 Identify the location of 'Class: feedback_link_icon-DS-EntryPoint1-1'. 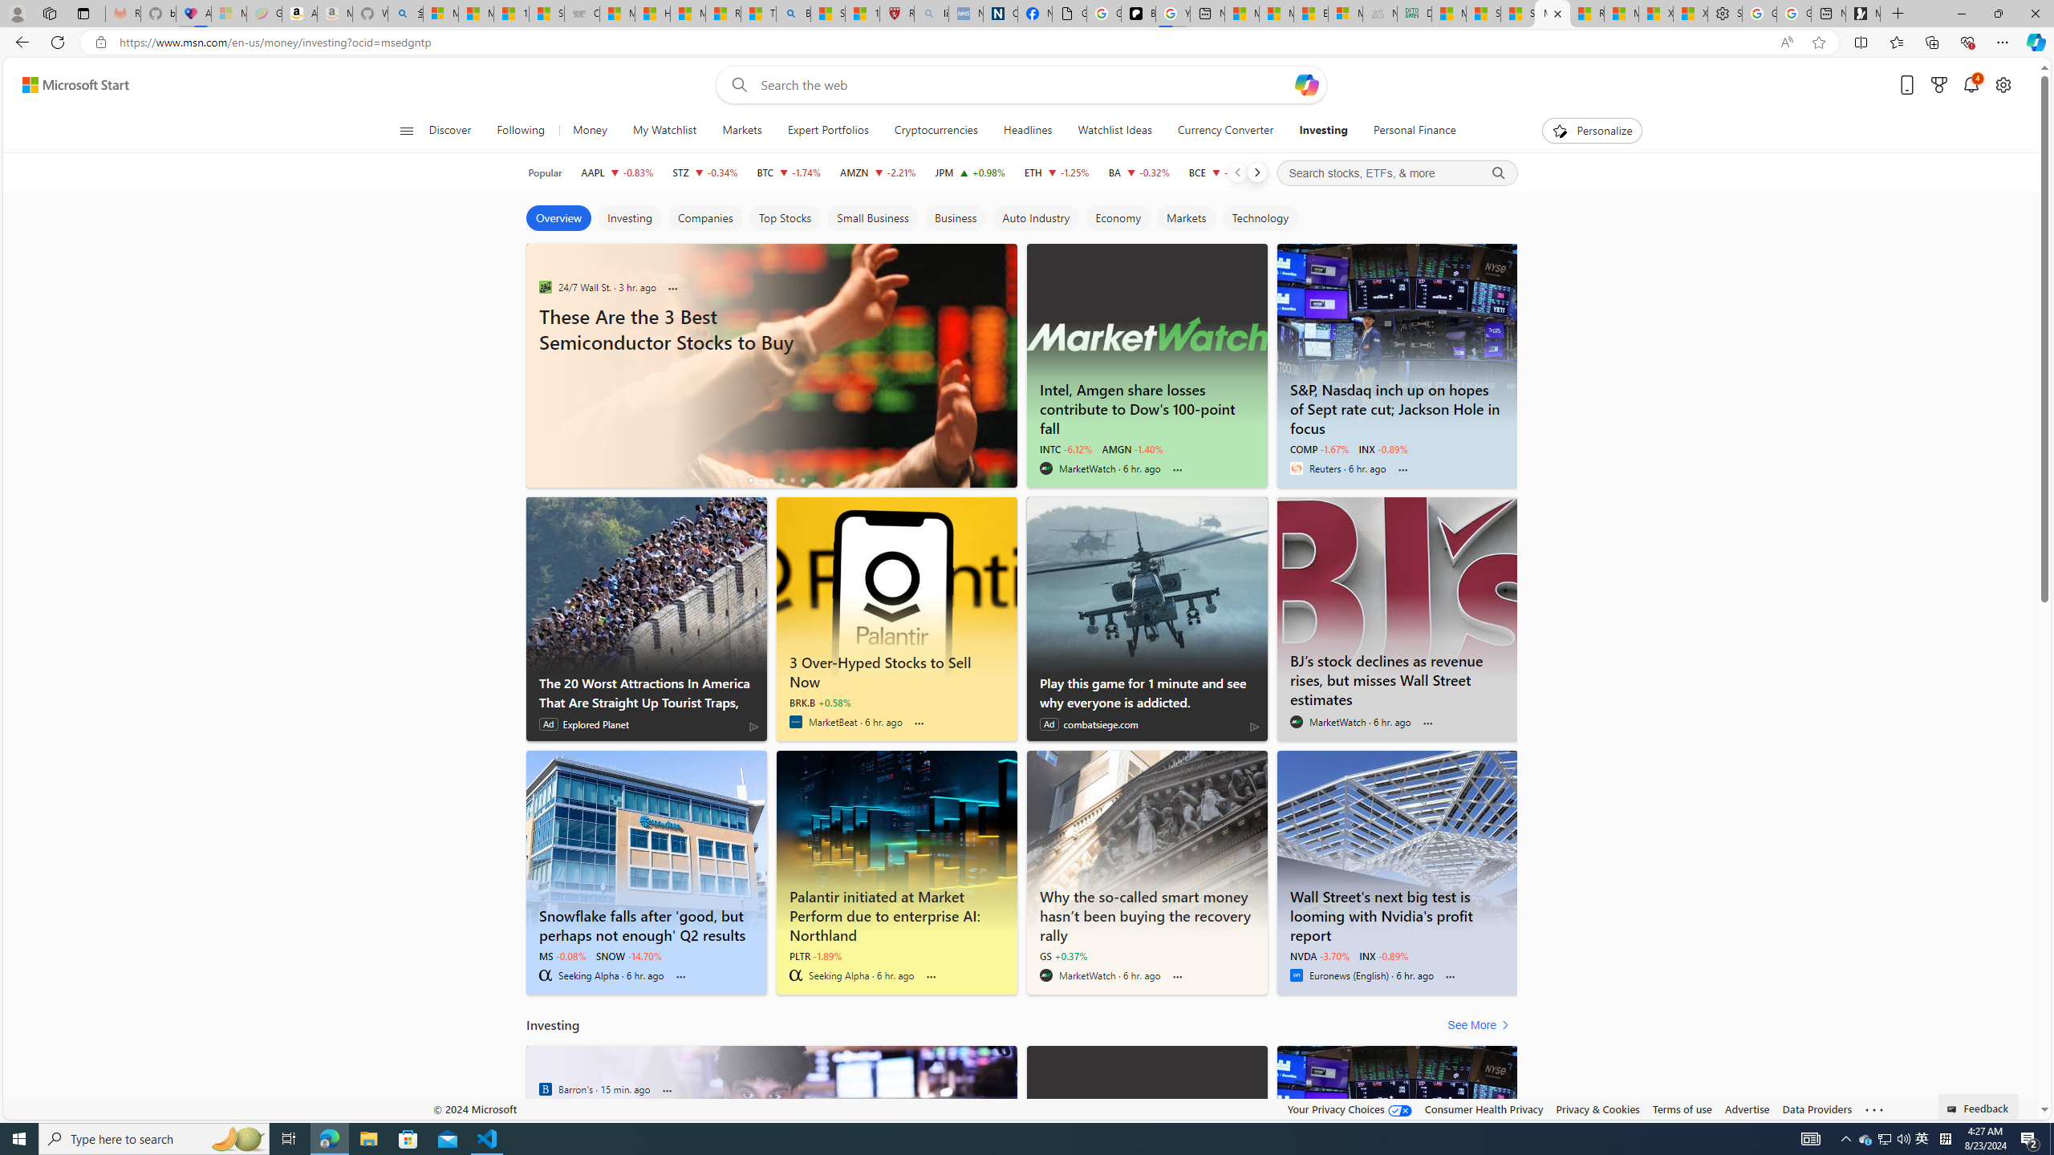
(1953, 1108).